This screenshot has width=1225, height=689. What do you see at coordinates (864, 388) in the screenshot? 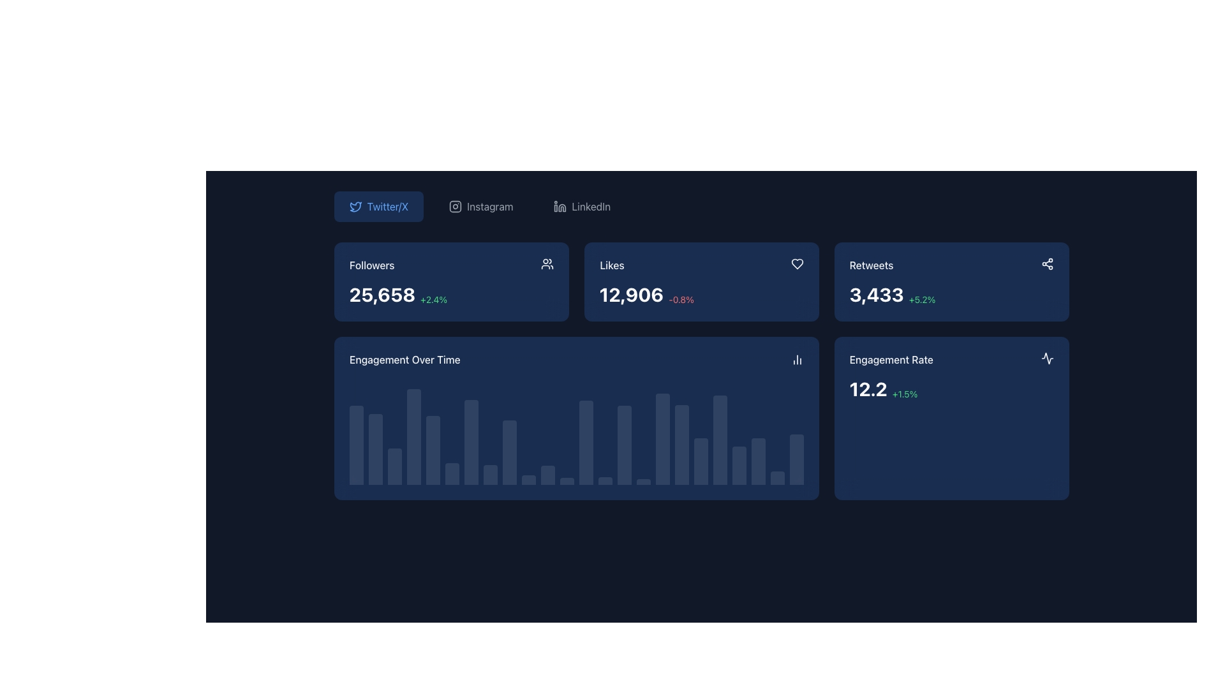
I see `the Static Text displaying the numeric value '9.2', which represents the engagement metric of the associated platform, located in the bottom-right corner of the dashboard` at bounding box center [864, 388].